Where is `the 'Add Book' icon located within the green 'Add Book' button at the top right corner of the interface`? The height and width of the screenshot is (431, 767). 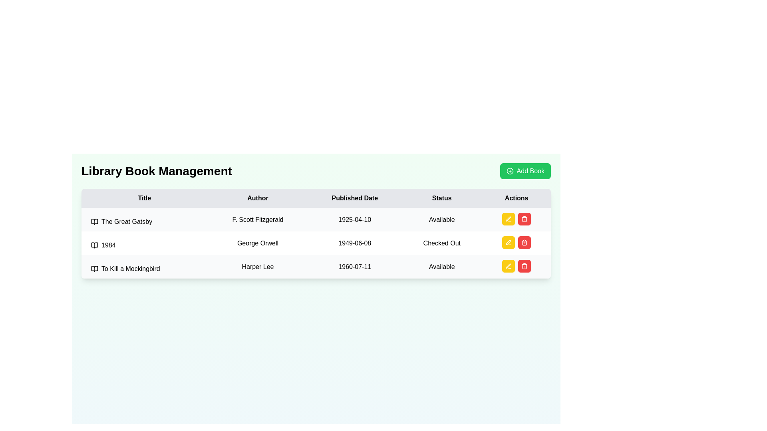 the 'Add Book' icon located within the green 'Add Book' button at the top right corner of the interface is located at coordinates (509, 170).